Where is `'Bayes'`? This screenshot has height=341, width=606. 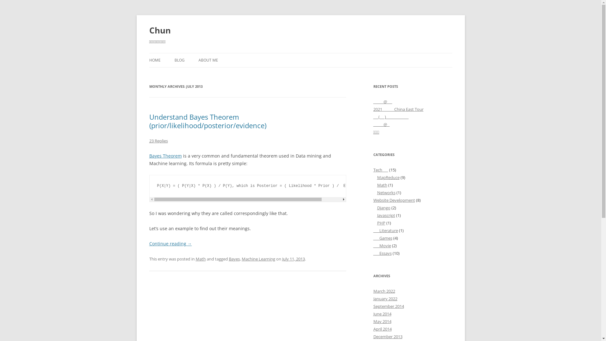
'Bayes' is located at coordinates (234, 259).